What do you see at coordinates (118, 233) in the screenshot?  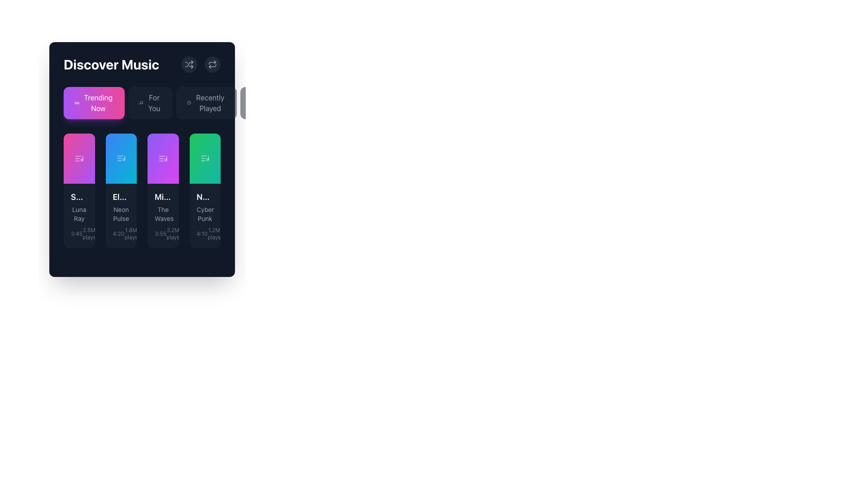 I see `the text label that displays the duration of the song 'Neon Pulse', located in the lower-left segment of the card, above the '1.8M plays' text in the 'Trending Now' section` at bounding box center [118, 233].